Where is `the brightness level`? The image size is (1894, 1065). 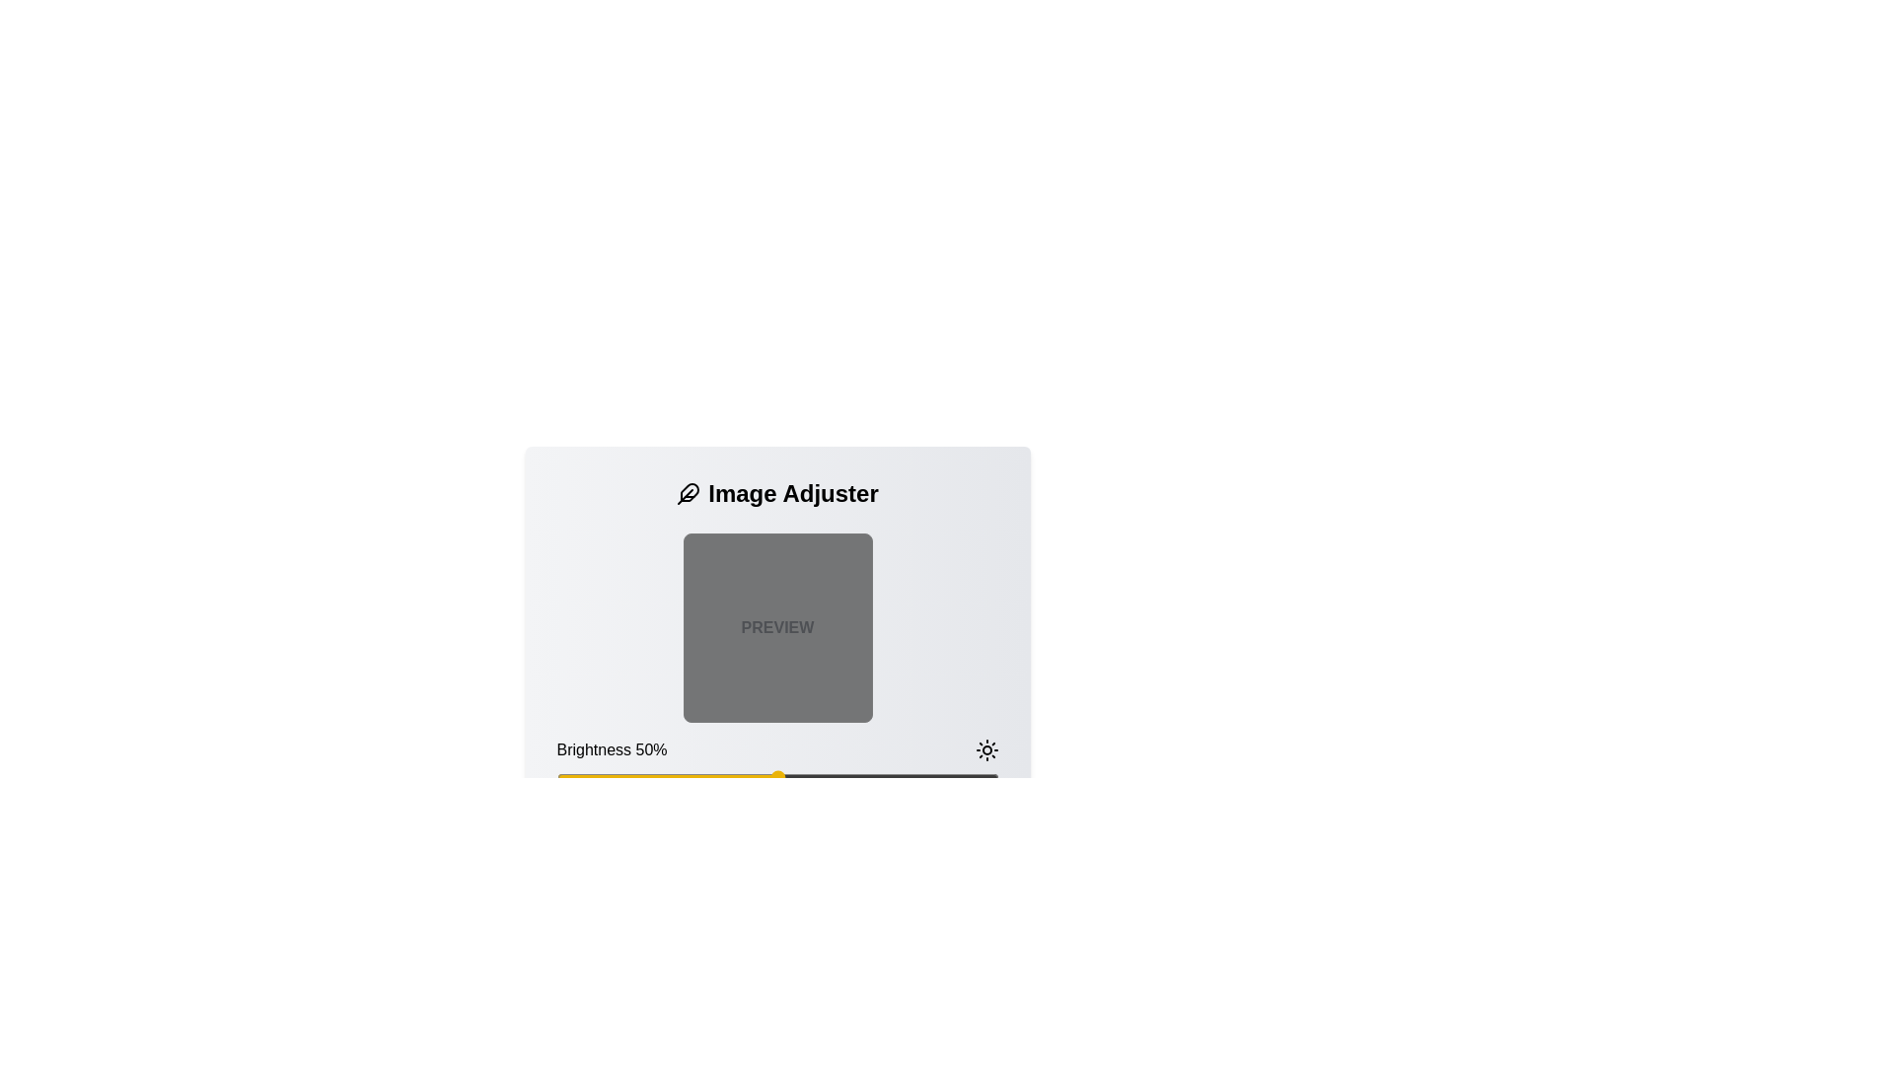 the brightness level is located at coordinates (636, 777).